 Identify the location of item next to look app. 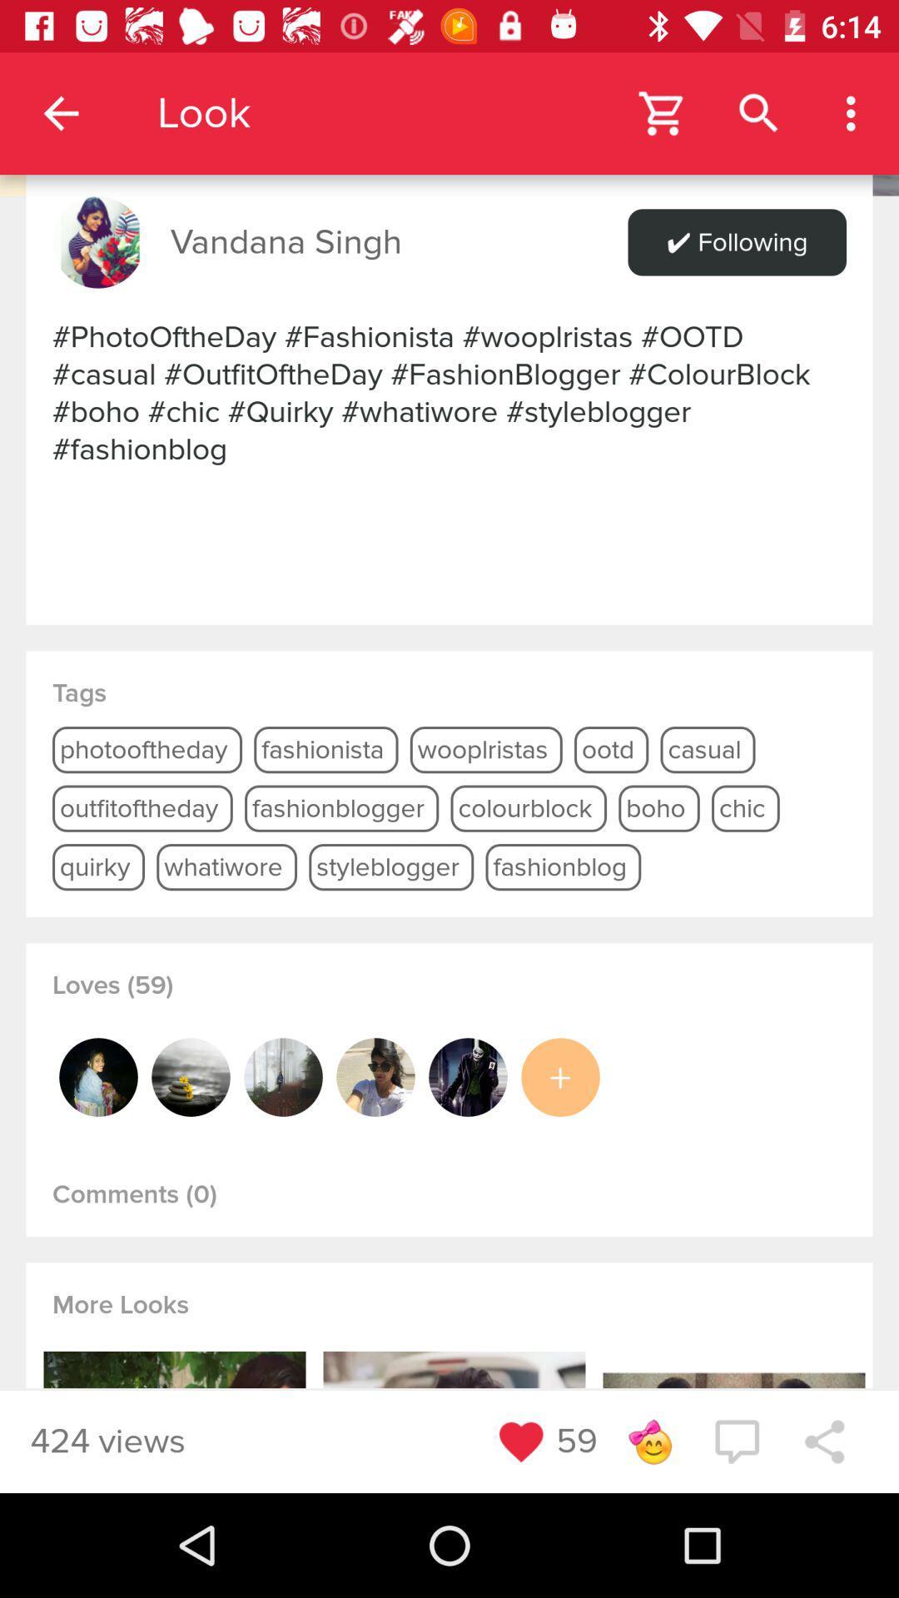
(60, 112).